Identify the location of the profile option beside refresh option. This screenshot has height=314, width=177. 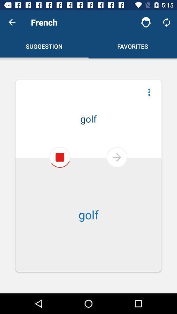
(146, 22).